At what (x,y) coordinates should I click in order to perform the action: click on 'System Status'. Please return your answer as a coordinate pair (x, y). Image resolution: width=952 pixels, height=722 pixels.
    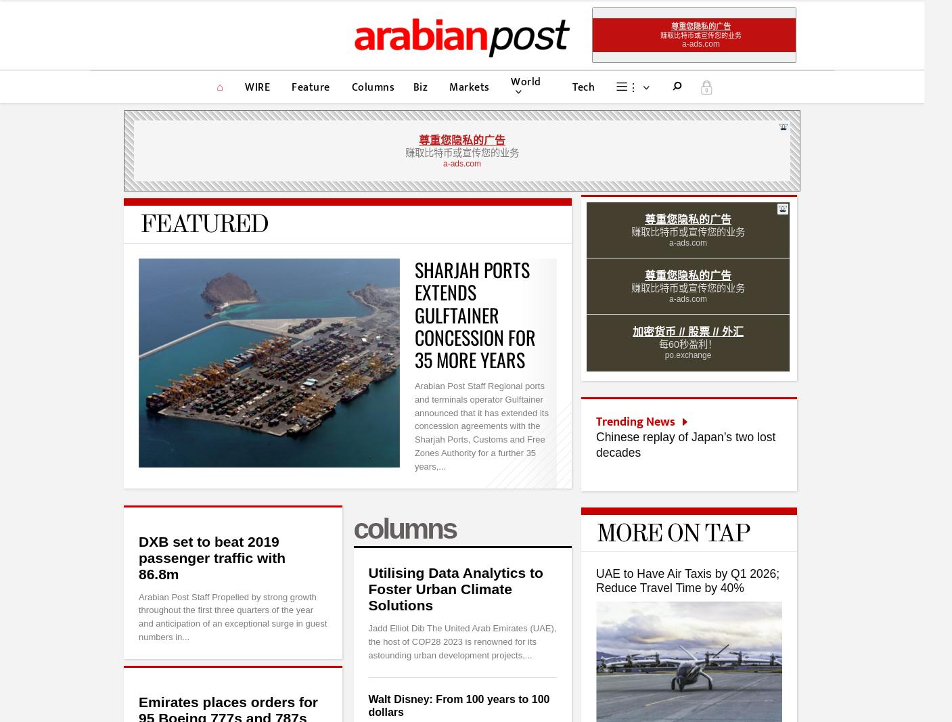
    Looking at the image, I should click on (676, 588).